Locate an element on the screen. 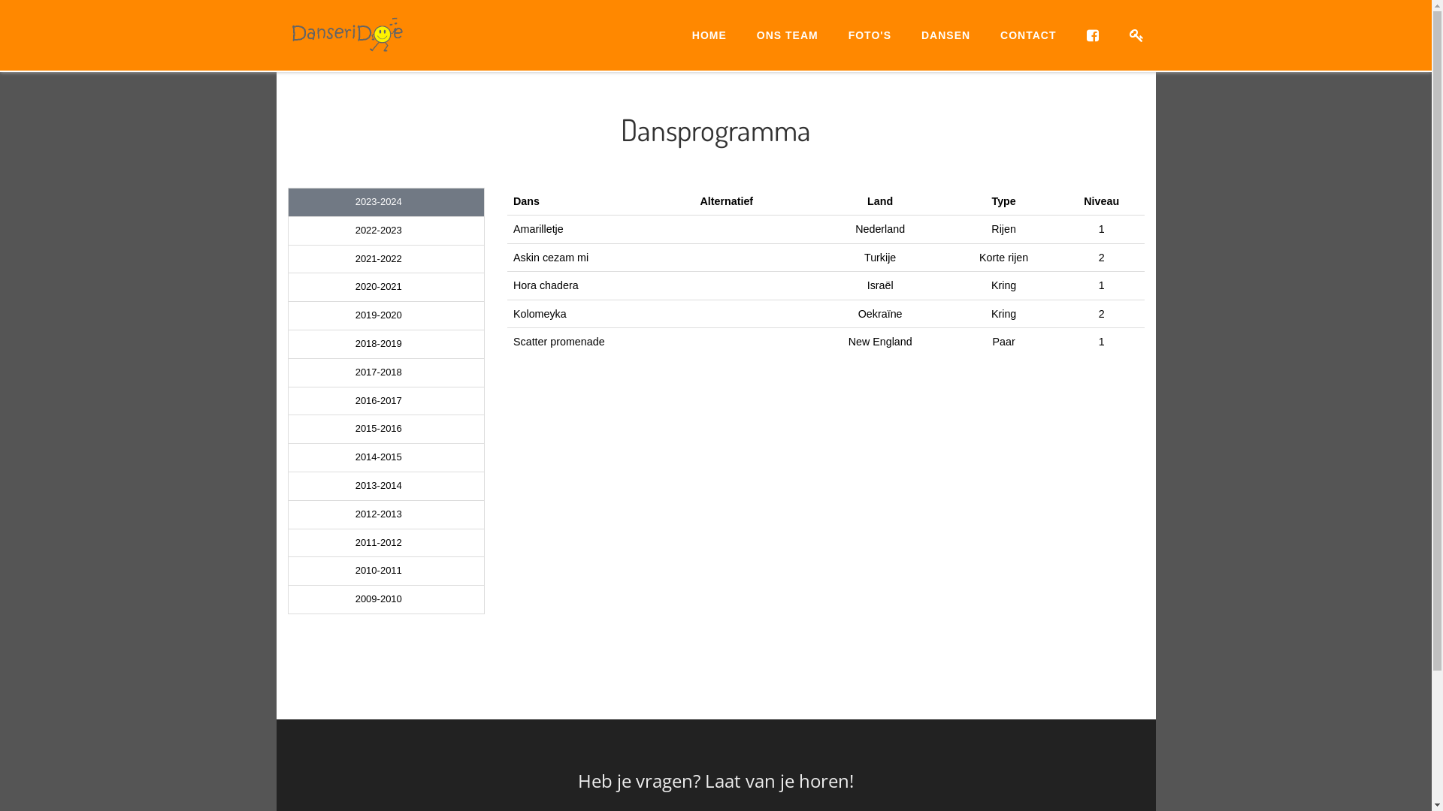 The width and height of the screenshot is (1443, 811). '2020-2021' is located at coordinates (386, 287).